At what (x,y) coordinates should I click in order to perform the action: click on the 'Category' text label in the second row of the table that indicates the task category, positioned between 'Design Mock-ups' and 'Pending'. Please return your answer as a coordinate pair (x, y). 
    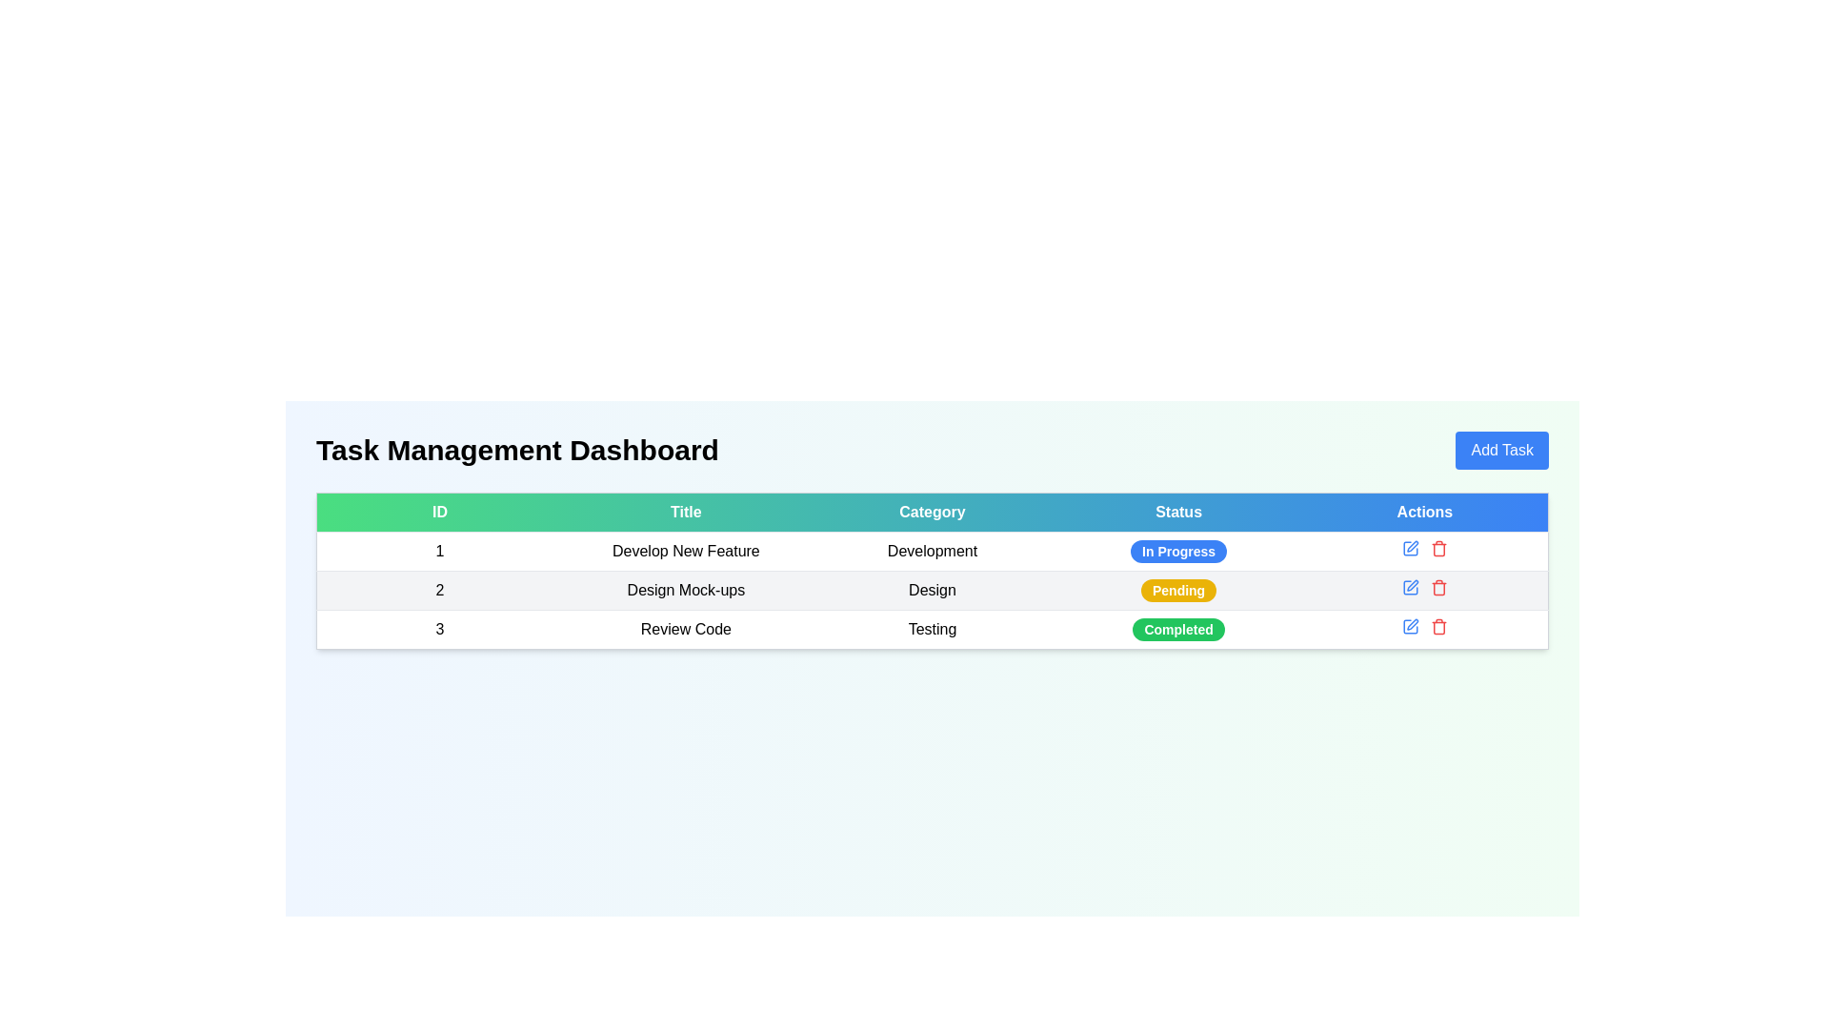
    Looking at the image, I should click on (933, 590).